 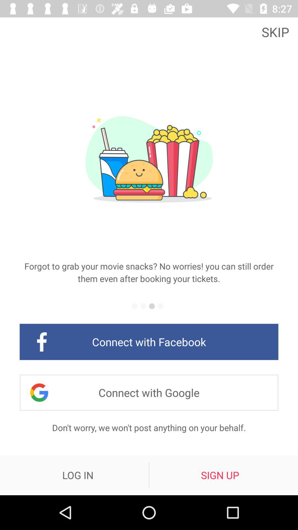 I want to click on skip icon, so click(x=277, y=31).